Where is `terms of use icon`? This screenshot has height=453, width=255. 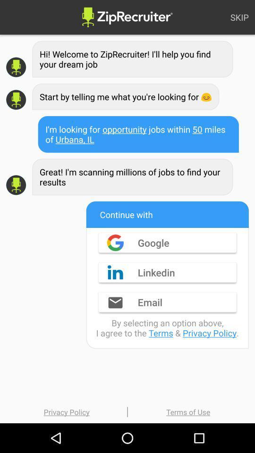 terms of use icon is located at coordinates (188, 411).